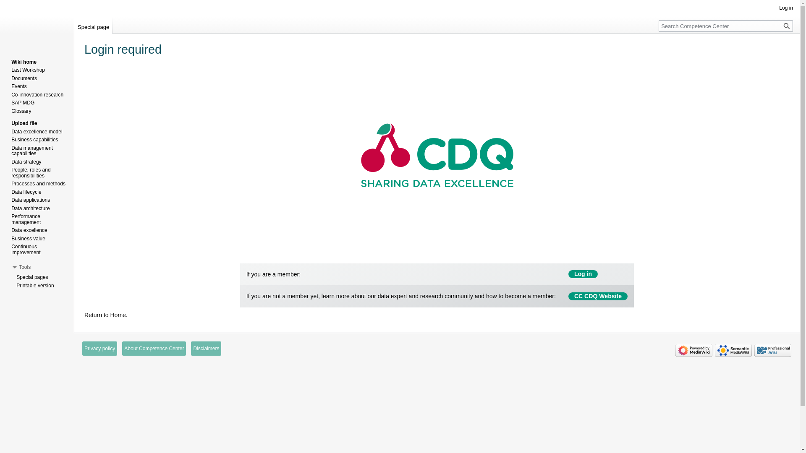 The image size is (806, 453). What do you see at coordinates (24, 123) in the screenshot?
I see `'Upload file'` at bounding box center [24, 123].